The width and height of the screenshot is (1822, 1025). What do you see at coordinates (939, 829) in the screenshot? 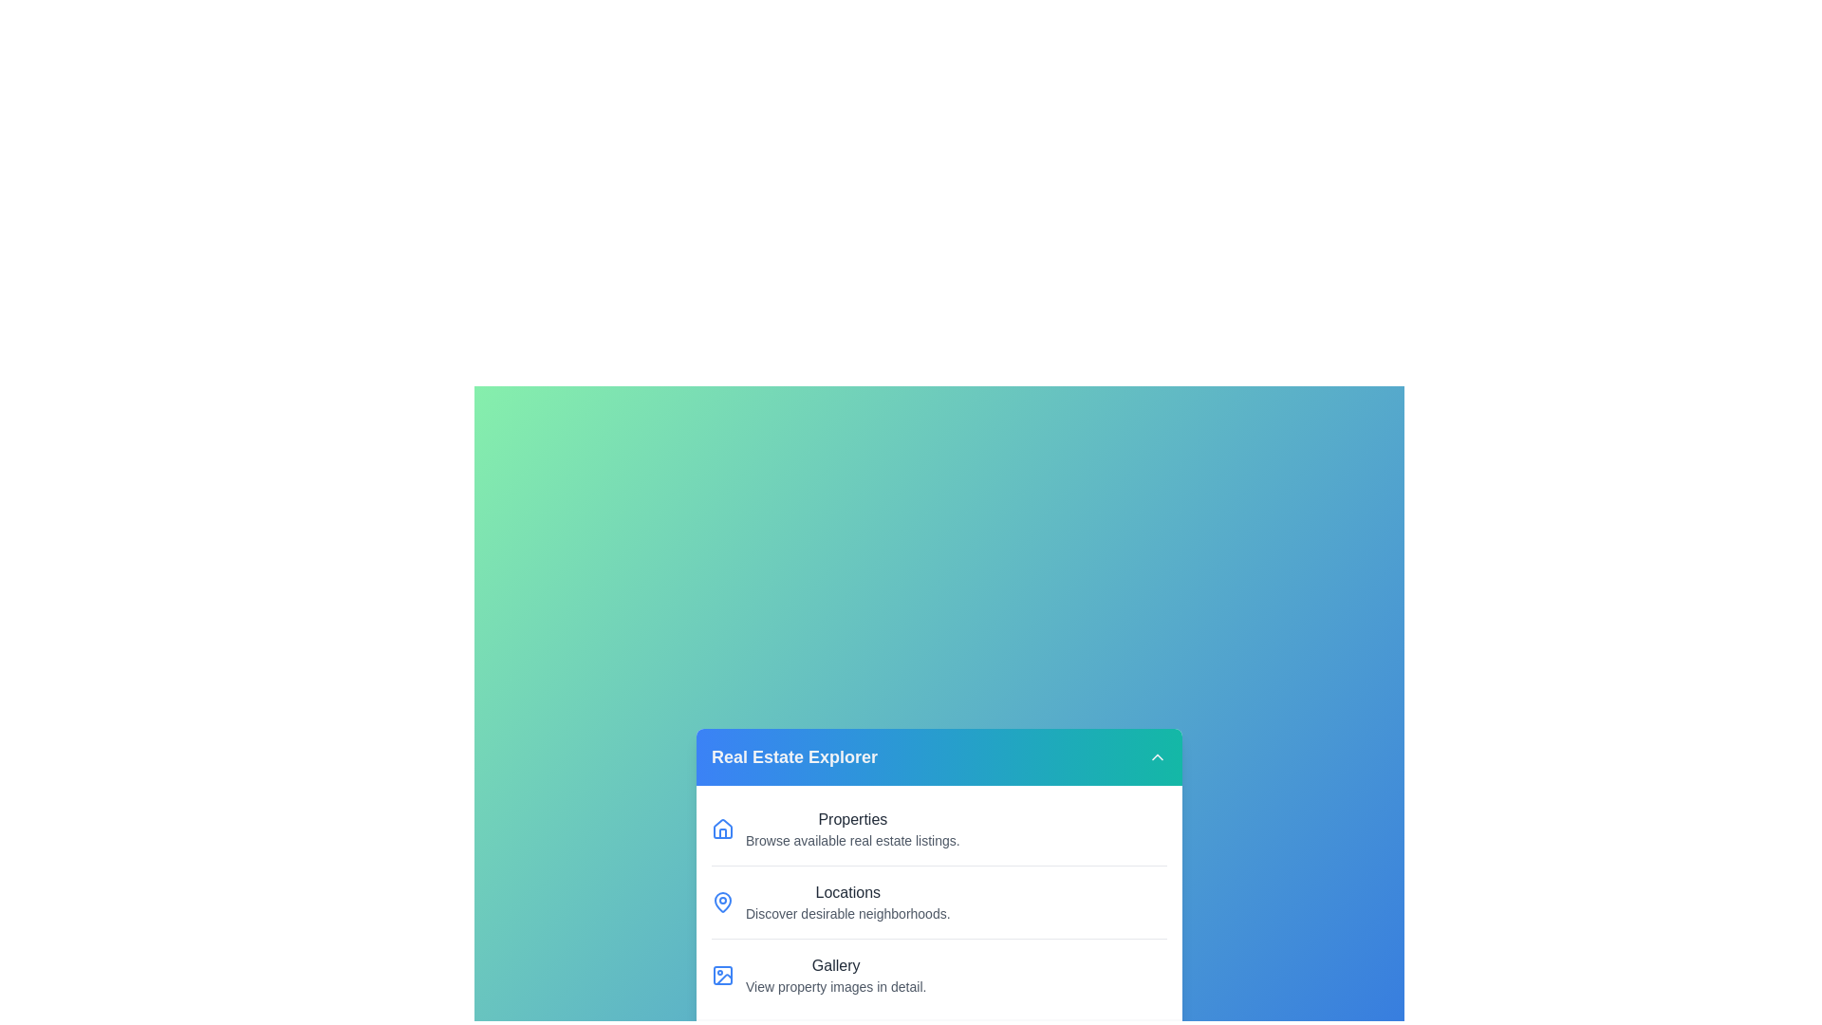
I see `the menu item corresponding to Properties` at bounding box center [939, 829].